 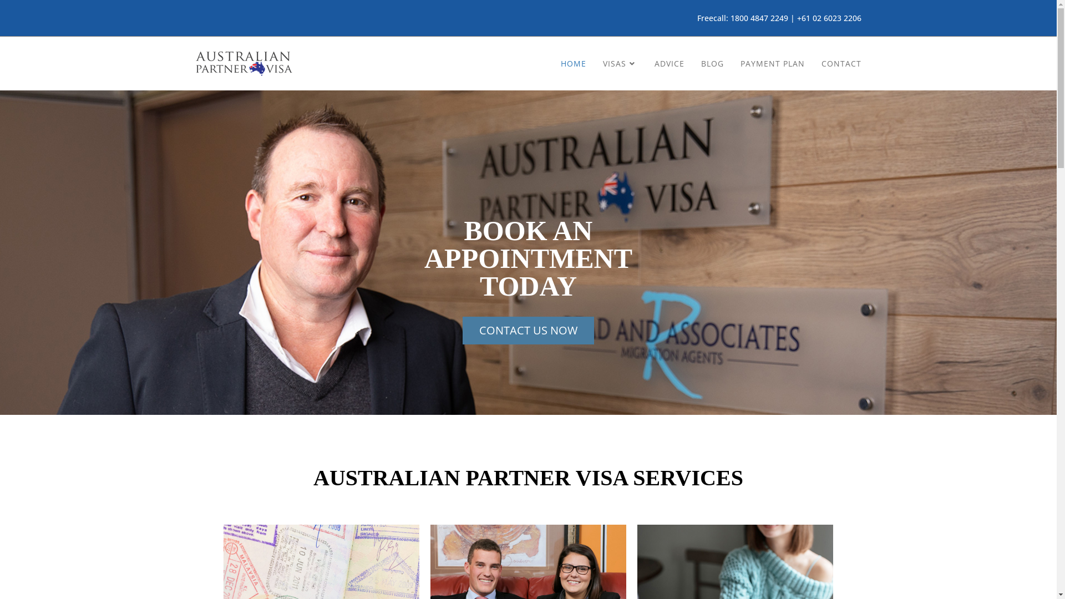 I want to click on 'HOME', so click(x=552, y=63).